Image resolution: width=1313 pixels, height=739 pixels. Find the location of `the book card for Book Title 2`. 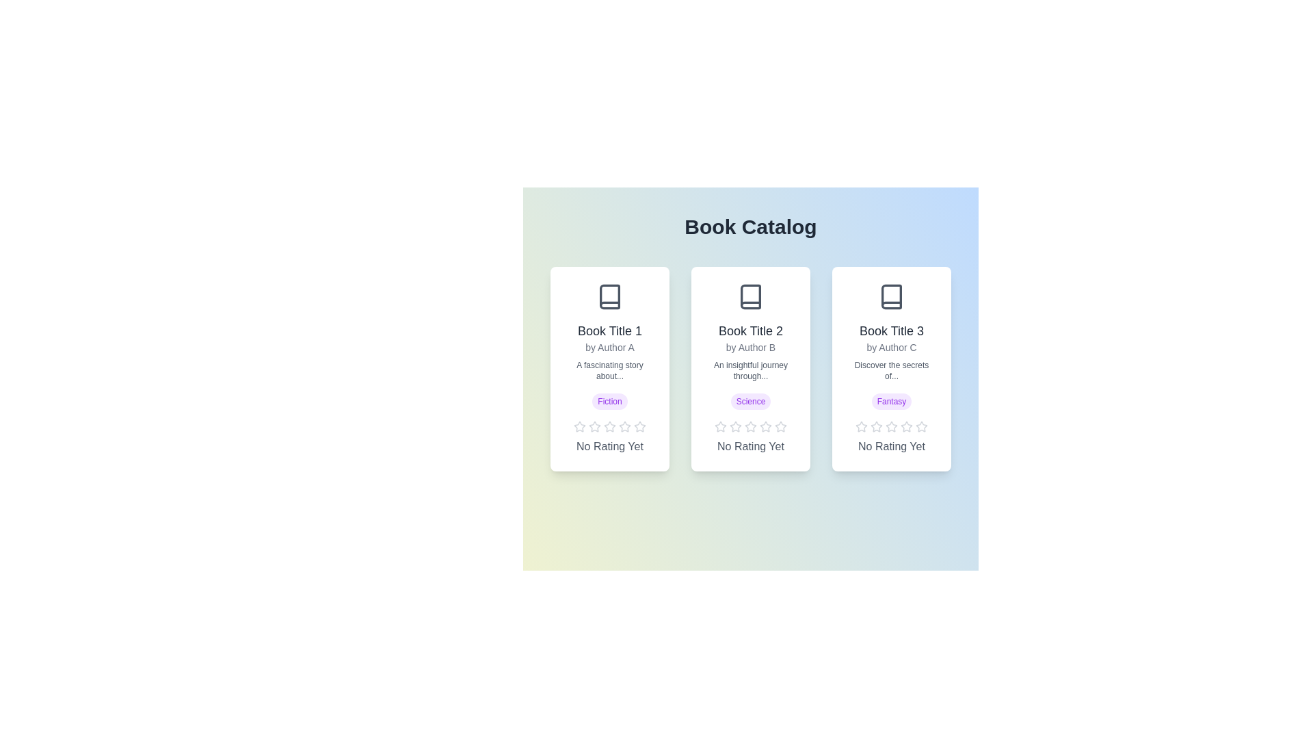

the book card for Book Title 2 is located at coordinates (750, 368).